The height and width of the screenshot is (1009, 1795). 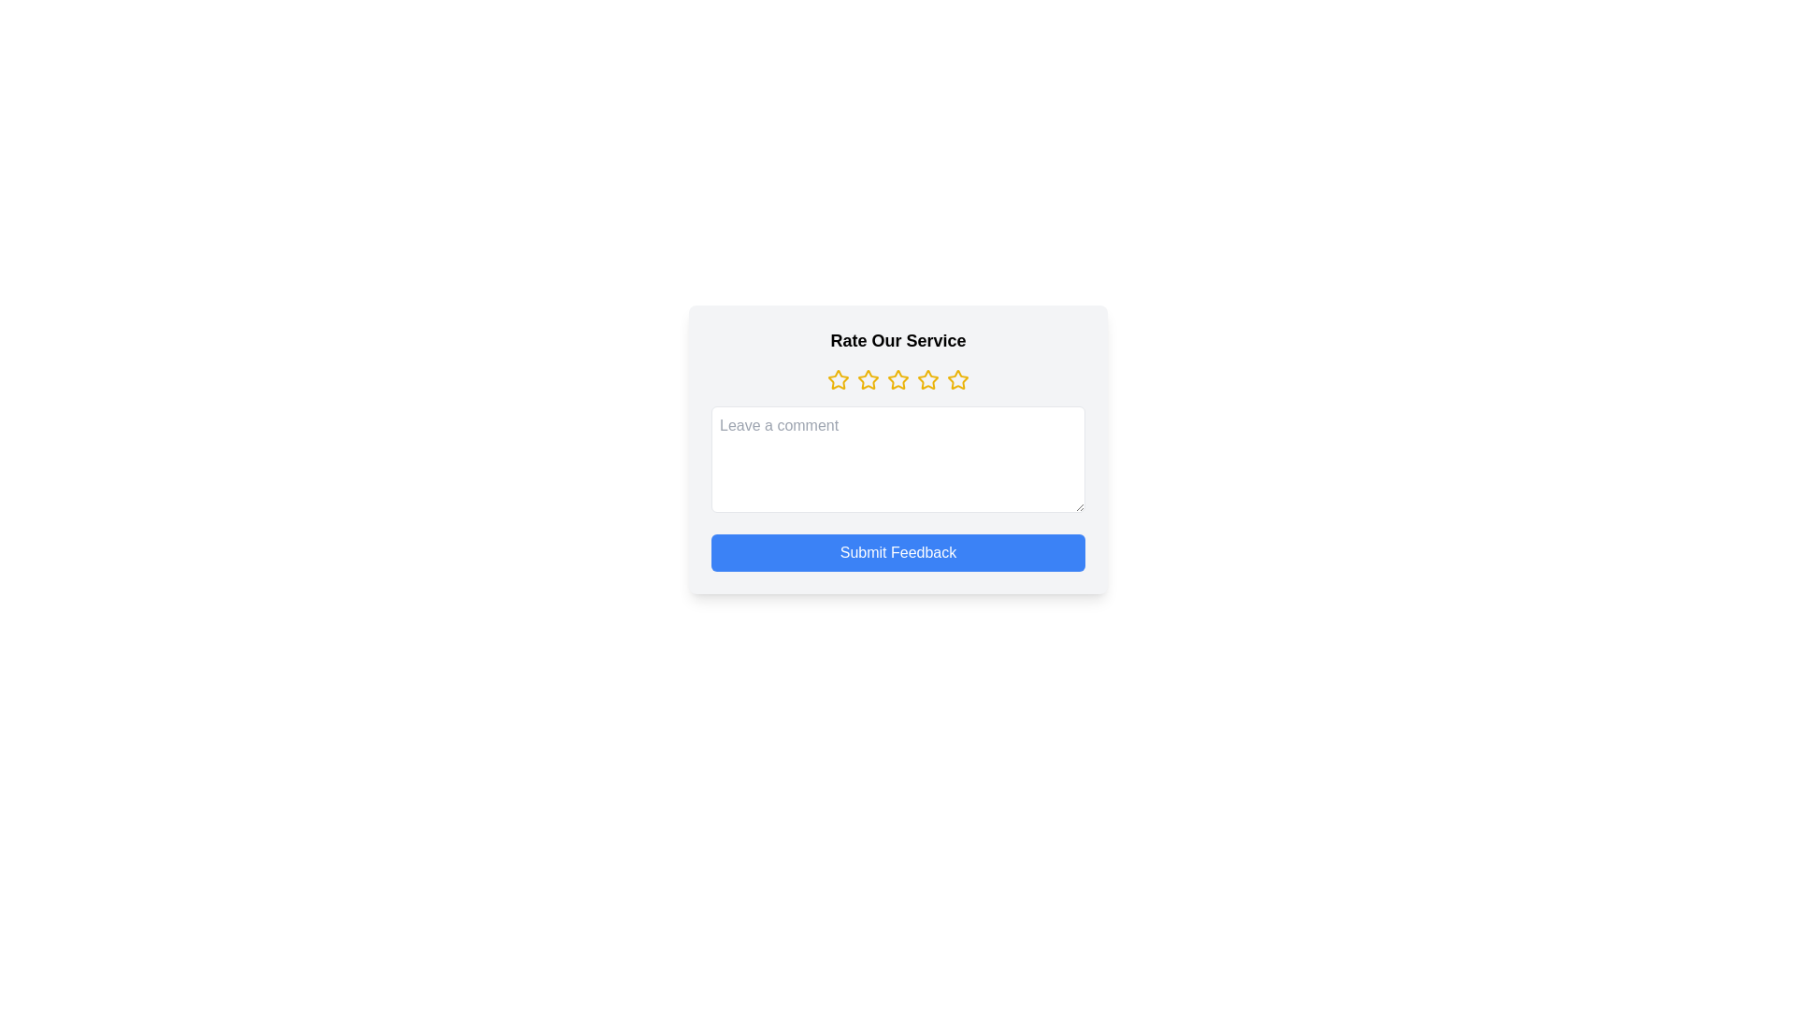 What do you see at coordinates (868, 379) in the screenshot?
I see `the third yellow star-shaped icon in the rating component below 'Rate Our Service'` at bounding box center [868, 379].